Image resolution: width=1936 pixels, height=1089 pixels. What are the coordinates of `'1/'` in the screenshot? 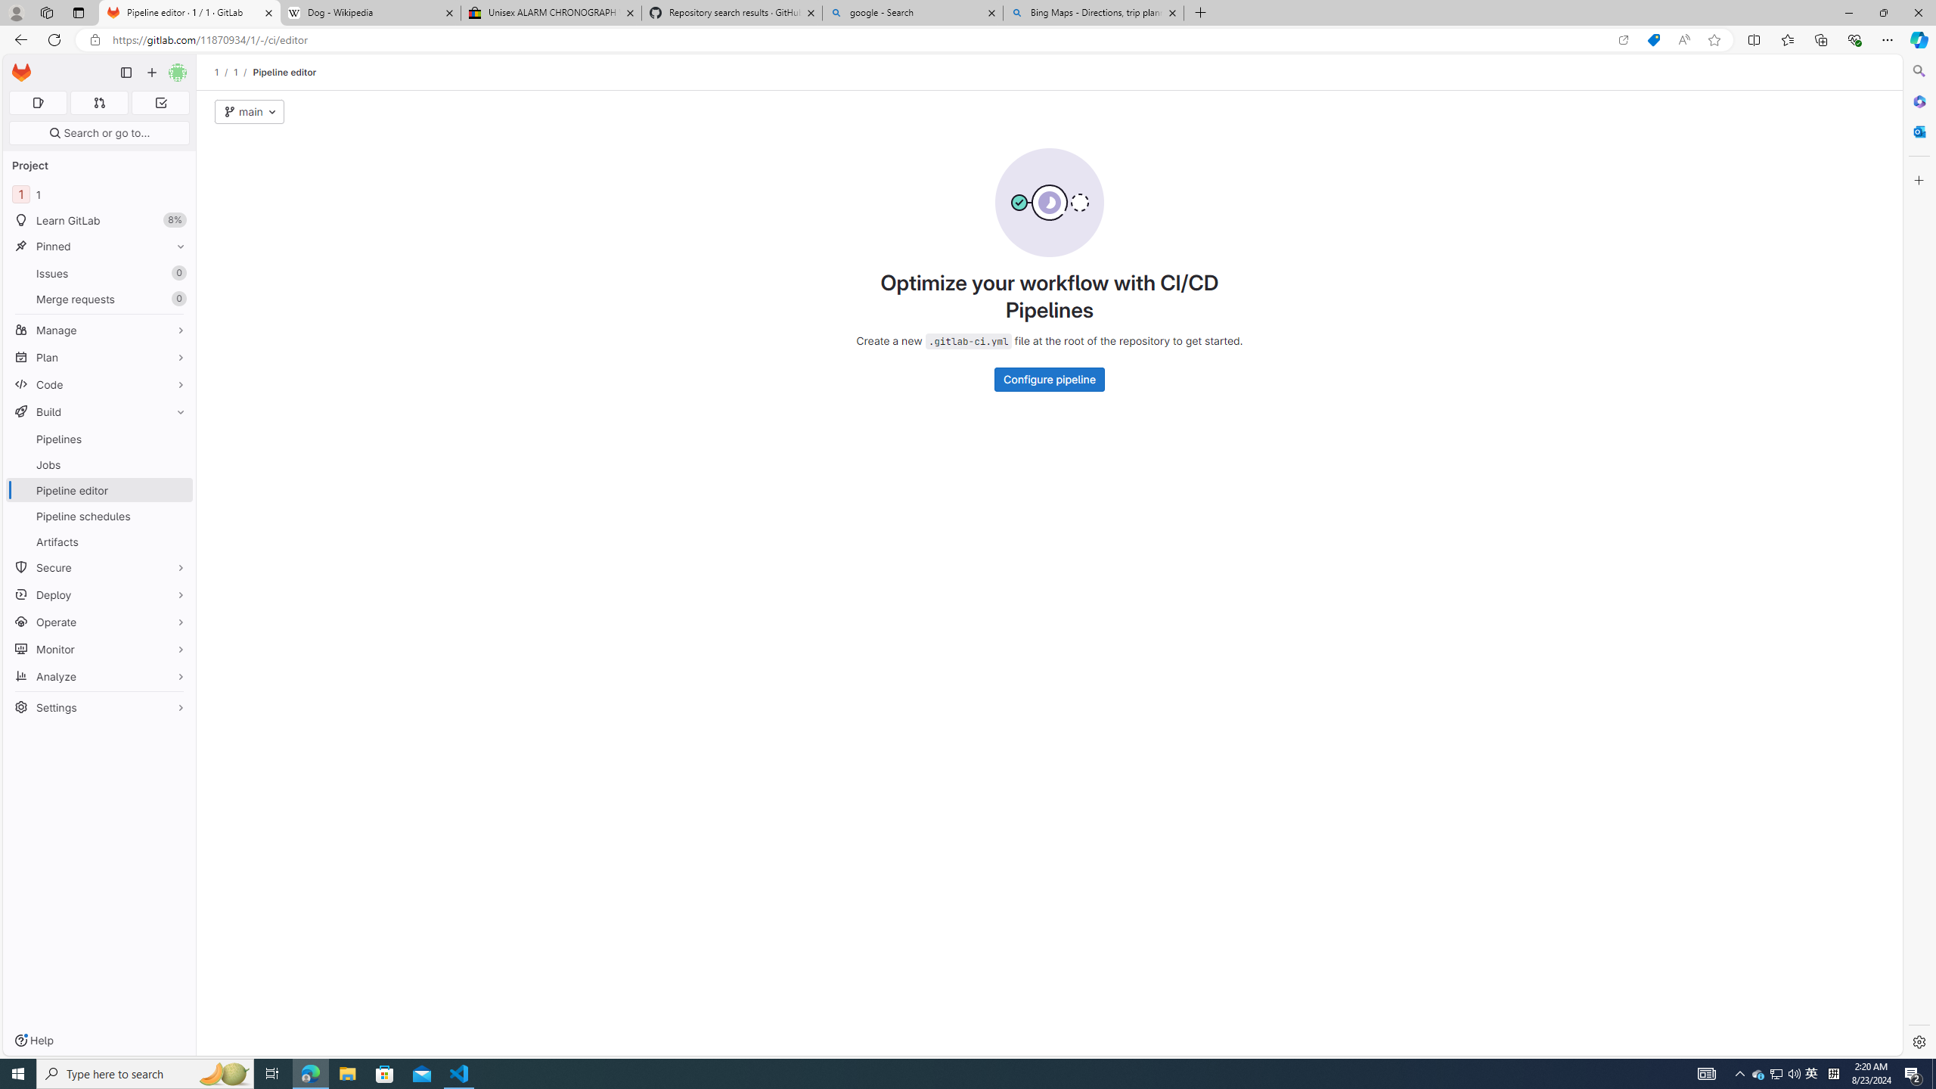 It's located at (244, 72).